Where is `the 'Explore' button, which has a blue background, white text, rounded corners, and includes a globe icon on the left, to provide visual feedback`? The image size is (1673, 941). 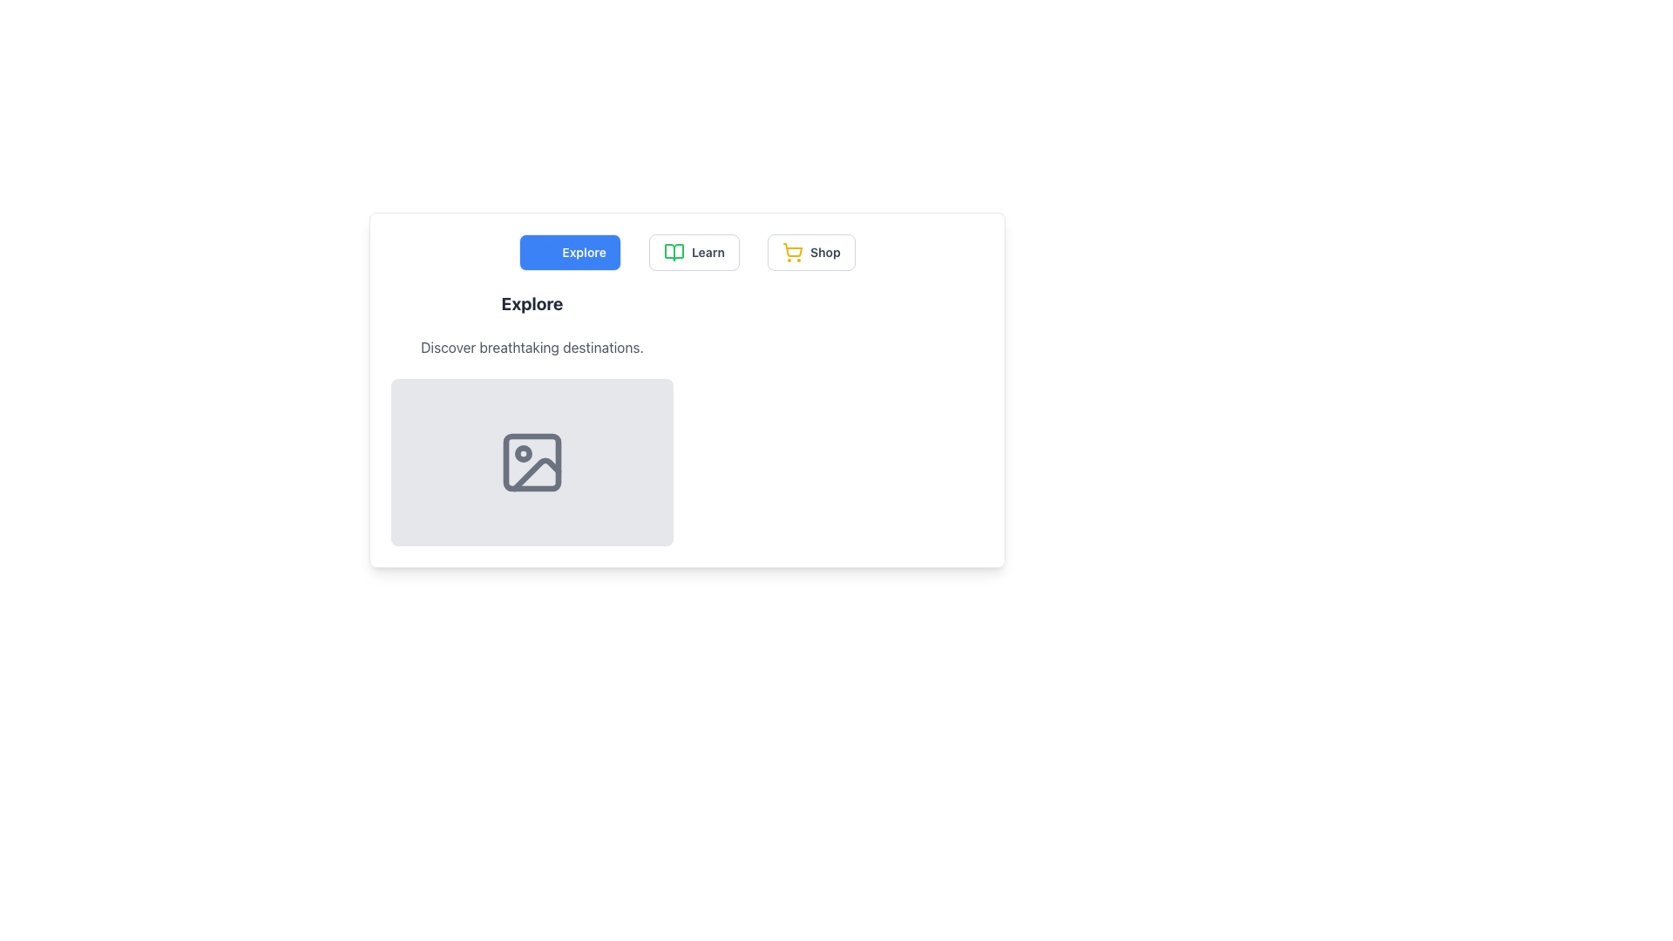 the 'Explore' button, which has a blue background, white text, rounded corners, and includes a globe icon on the left, to provide visual feedback is located at coordinates (570, 252).